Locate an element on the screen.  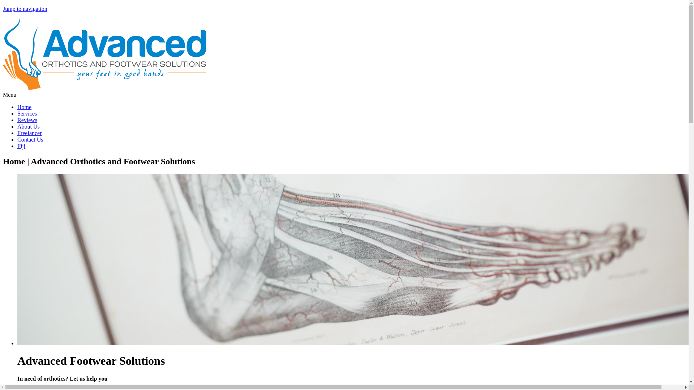
'Jump to navigation' is located at coordinates (3, 9).